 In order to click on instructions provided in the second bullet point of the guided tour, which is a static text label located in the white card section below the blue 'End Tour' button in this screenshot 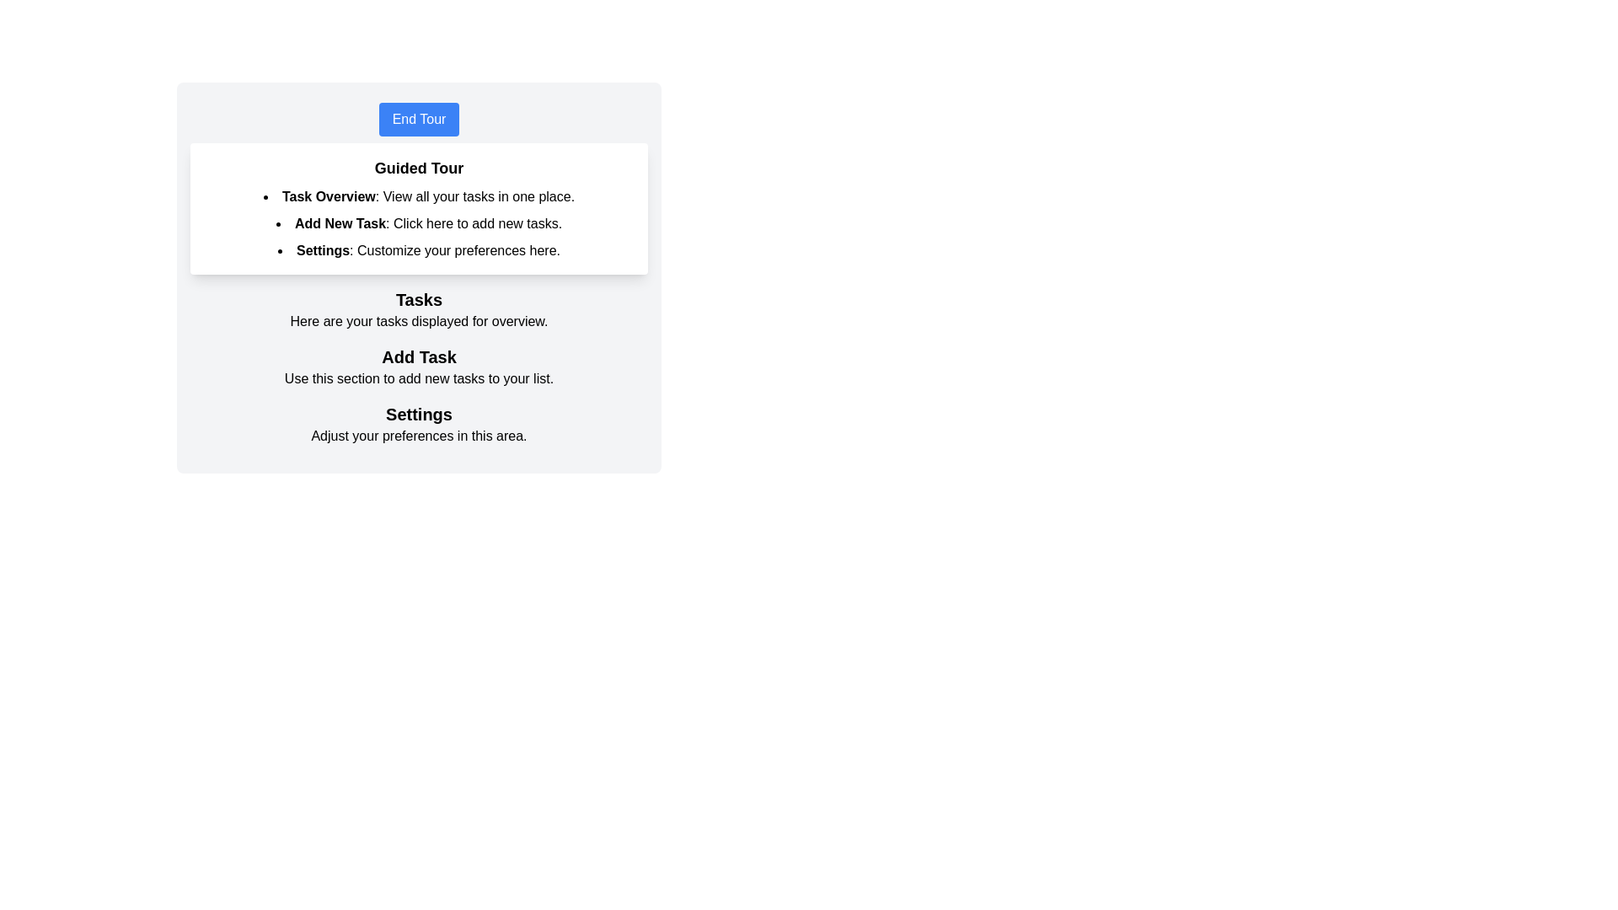, I will do `click(339, 222)`.